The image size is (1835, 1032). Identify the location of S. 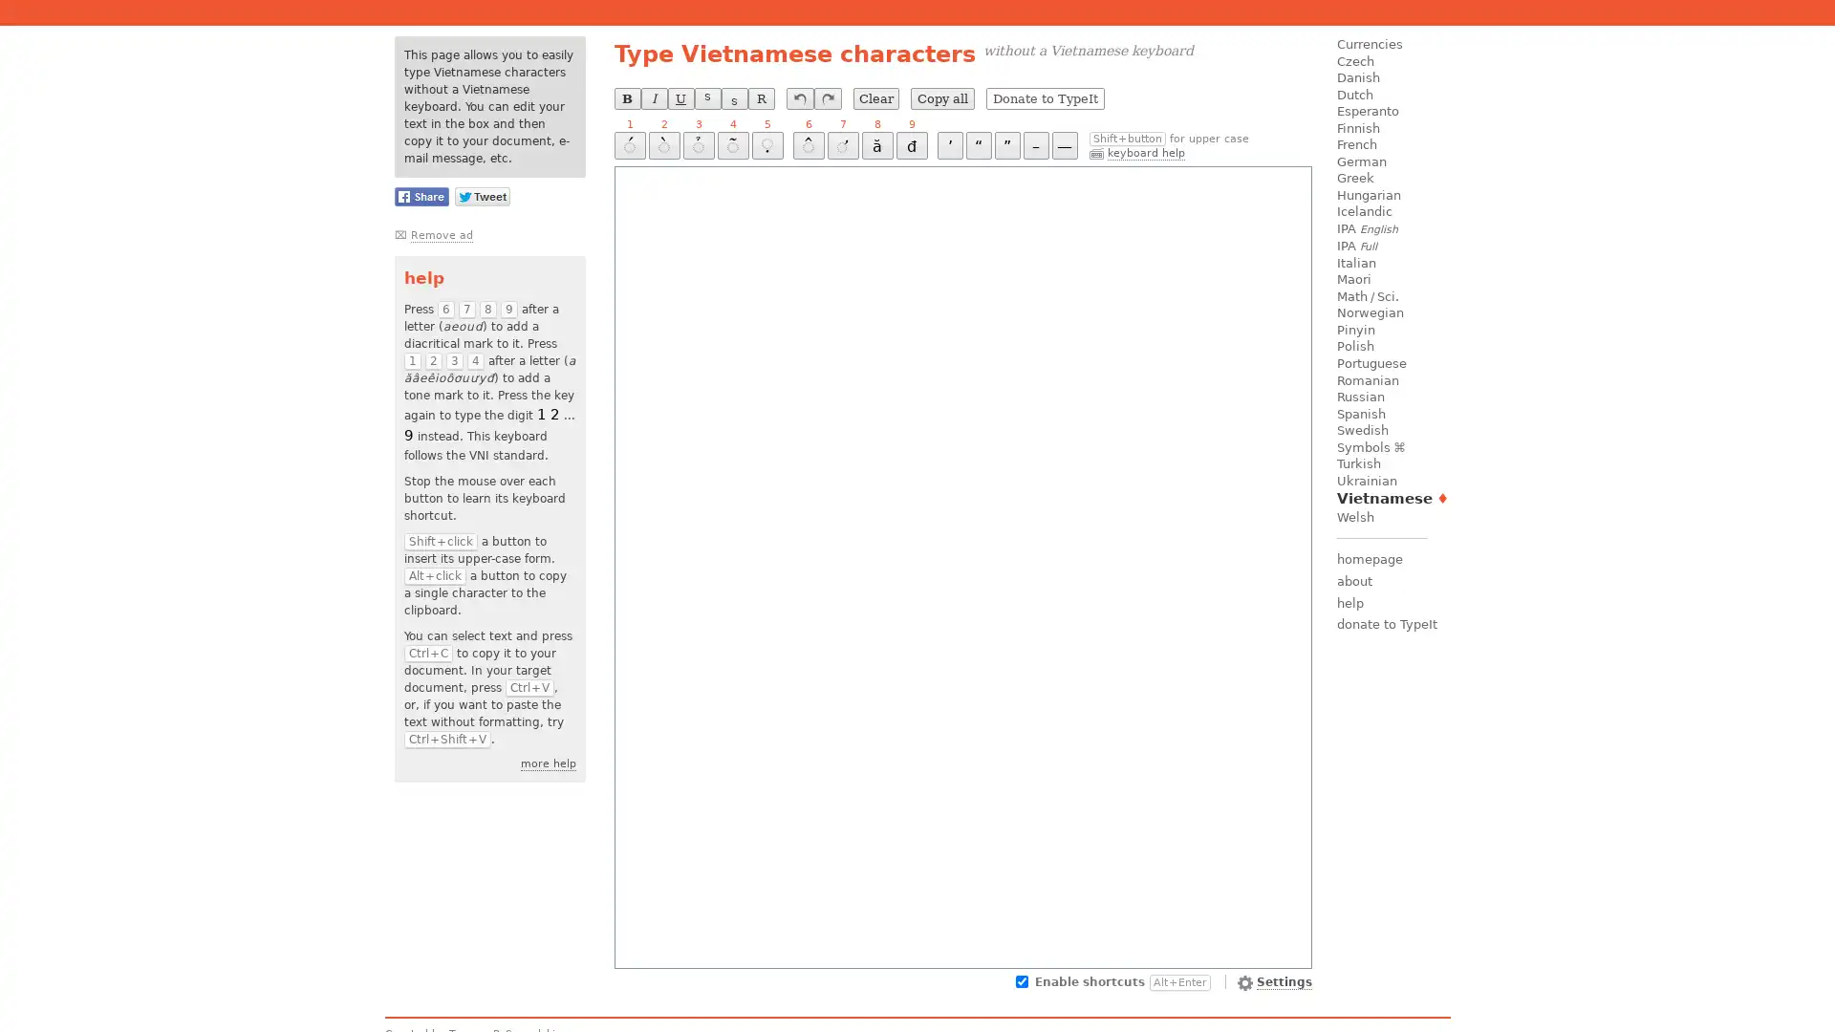
(733, 98).